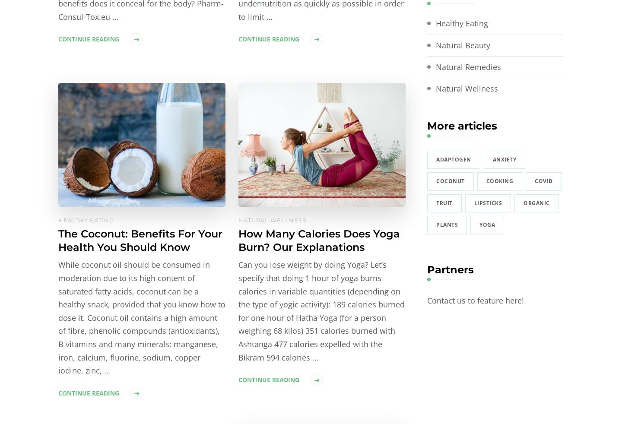 The width and height of the screenshot is (622, 424). I want to click on 'plants', so click(447, 224).